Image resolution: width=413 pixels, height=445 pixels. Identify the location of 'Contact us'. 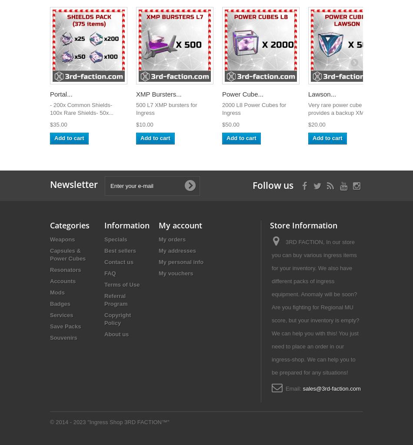
(118, 261).